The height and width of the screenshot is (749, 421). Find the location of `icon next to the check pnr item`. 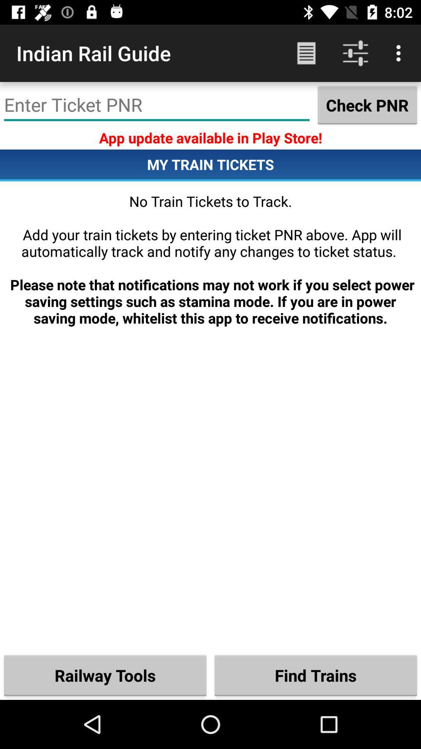

icon next to the check pnr item is located at coordinates (157, 105).